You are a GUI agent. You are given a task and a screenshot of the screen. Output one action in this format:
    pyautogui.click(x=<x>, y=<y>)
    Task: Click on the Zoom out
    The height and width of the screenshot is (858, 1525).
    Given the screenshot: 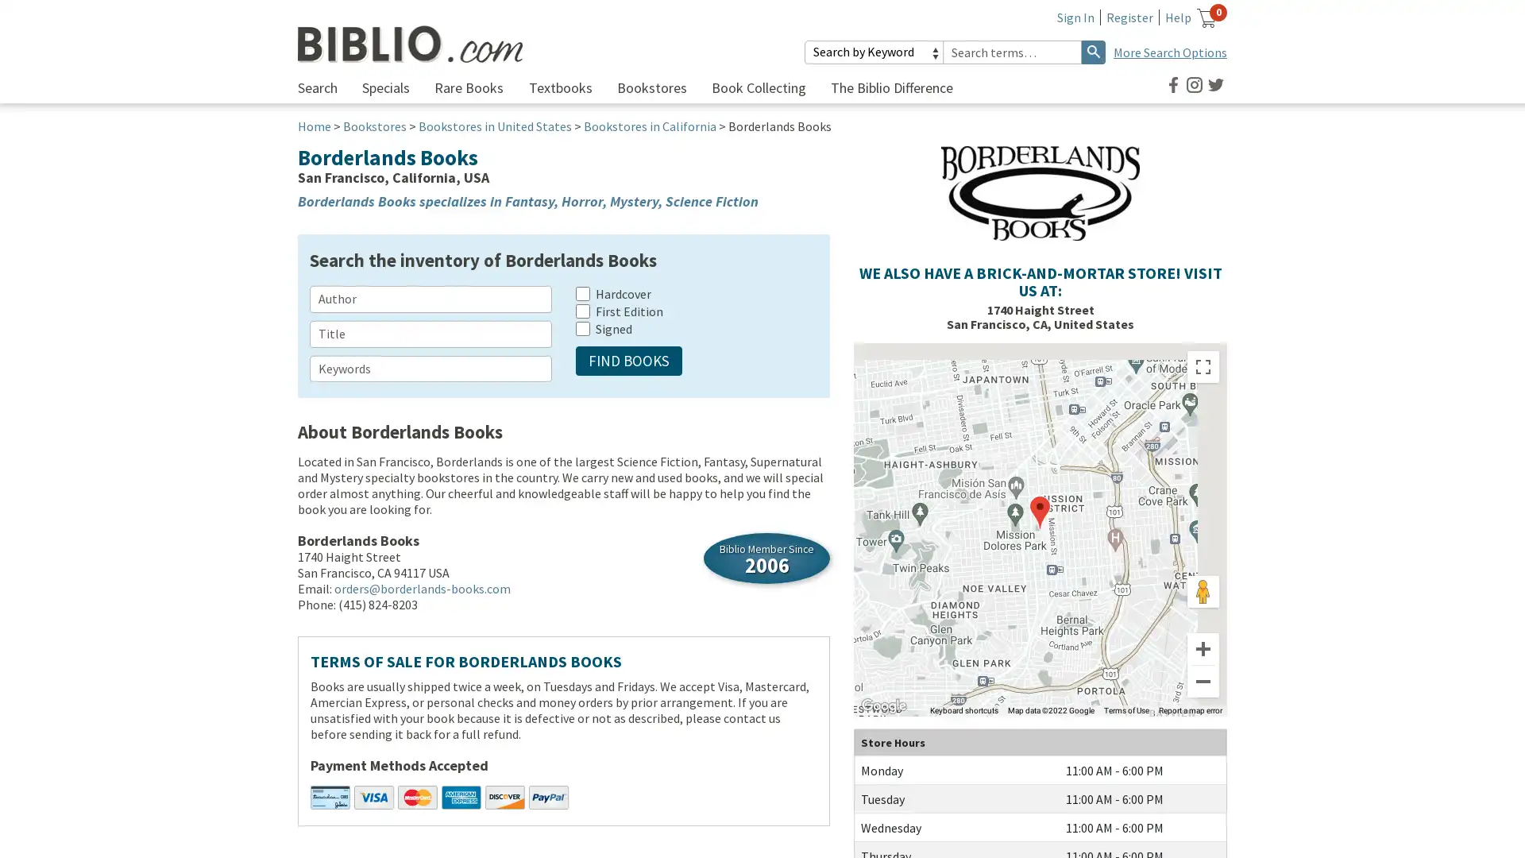 What is the action you would take?
    pyautogui.click(x=1203, y=680)
    